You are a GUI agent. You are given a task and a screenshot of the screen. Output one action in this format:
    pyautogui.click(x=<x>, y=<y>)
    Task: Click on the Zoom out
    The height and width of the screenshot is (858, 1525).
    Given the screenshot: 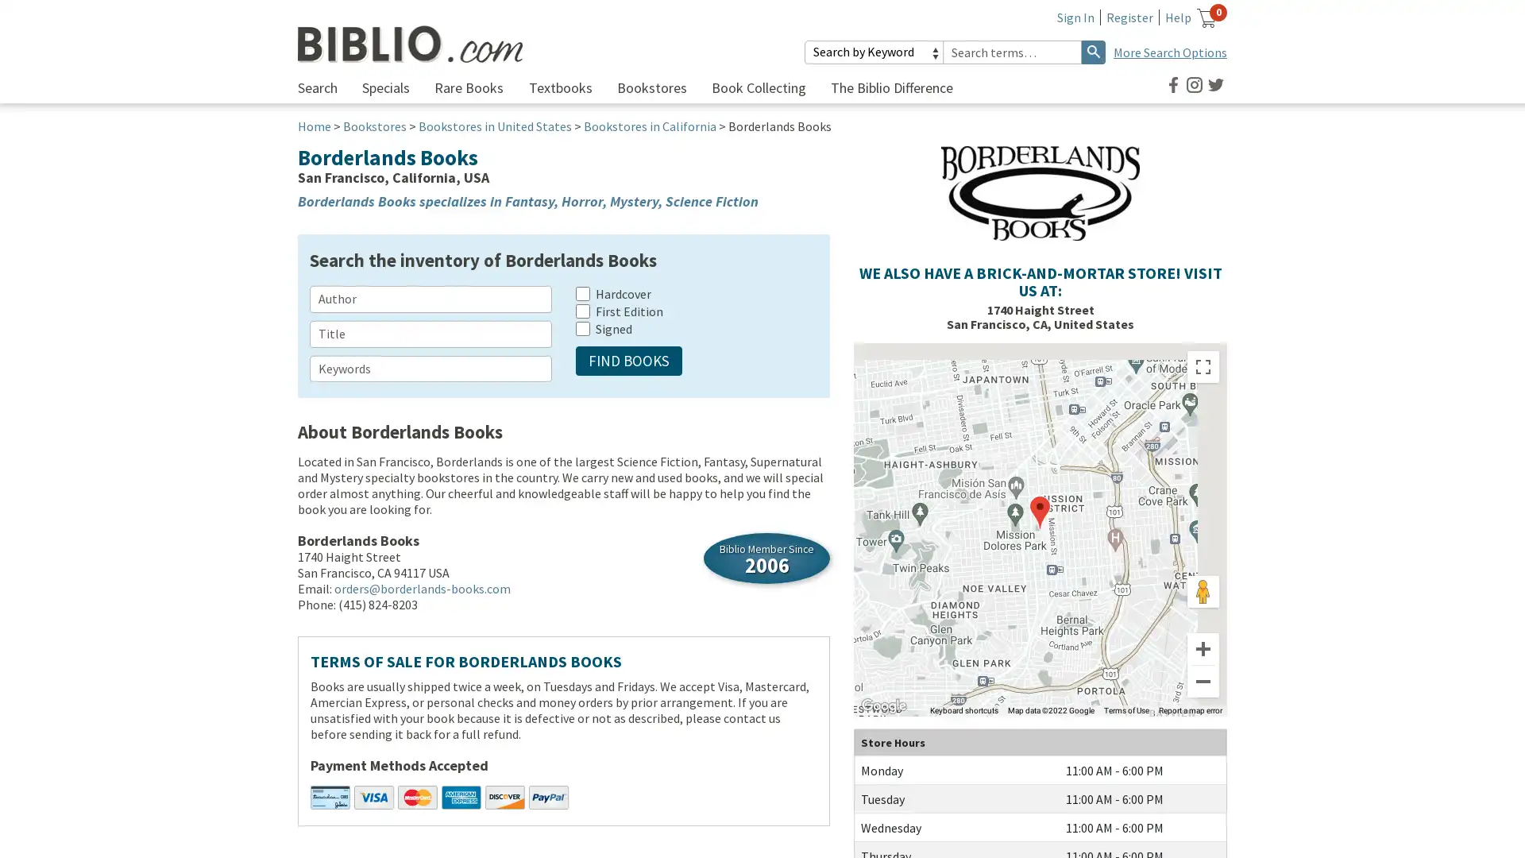 What is the action you would take?
    pyautogui.click(x=1203, y=680)
    